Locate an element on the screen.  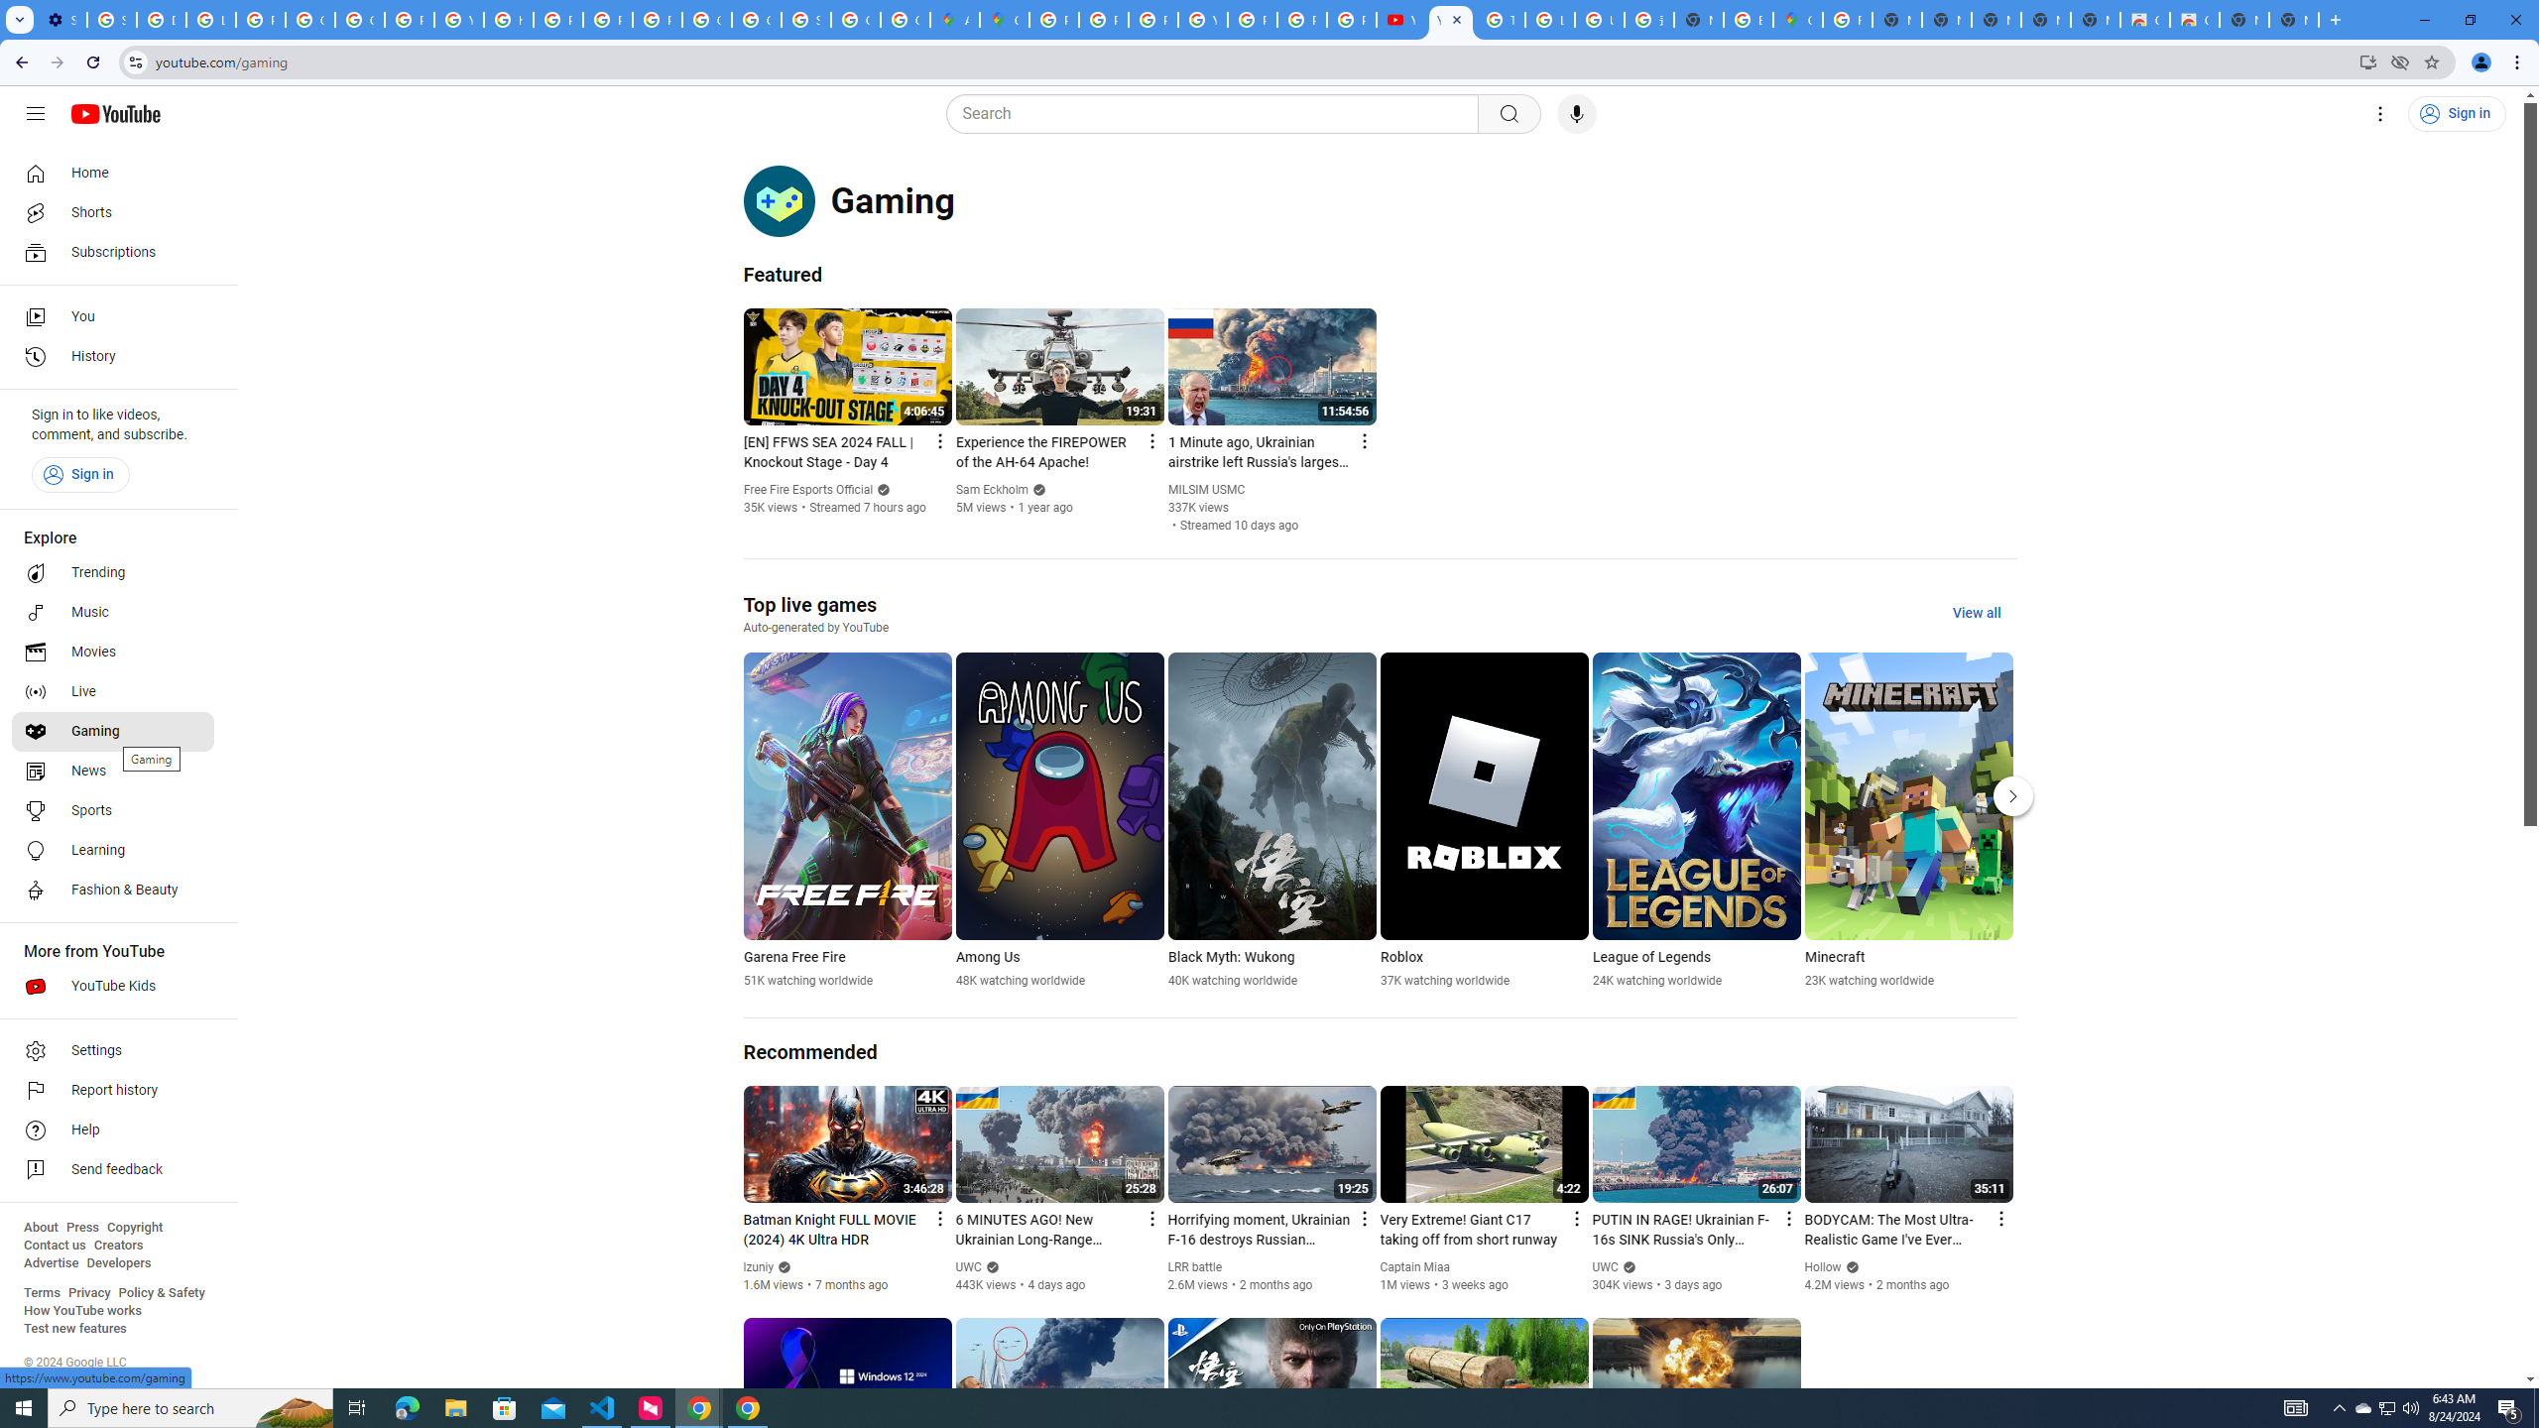
'Delete photos & videos - Computer - Google Photos Help' is located at coordinates (161, 19).